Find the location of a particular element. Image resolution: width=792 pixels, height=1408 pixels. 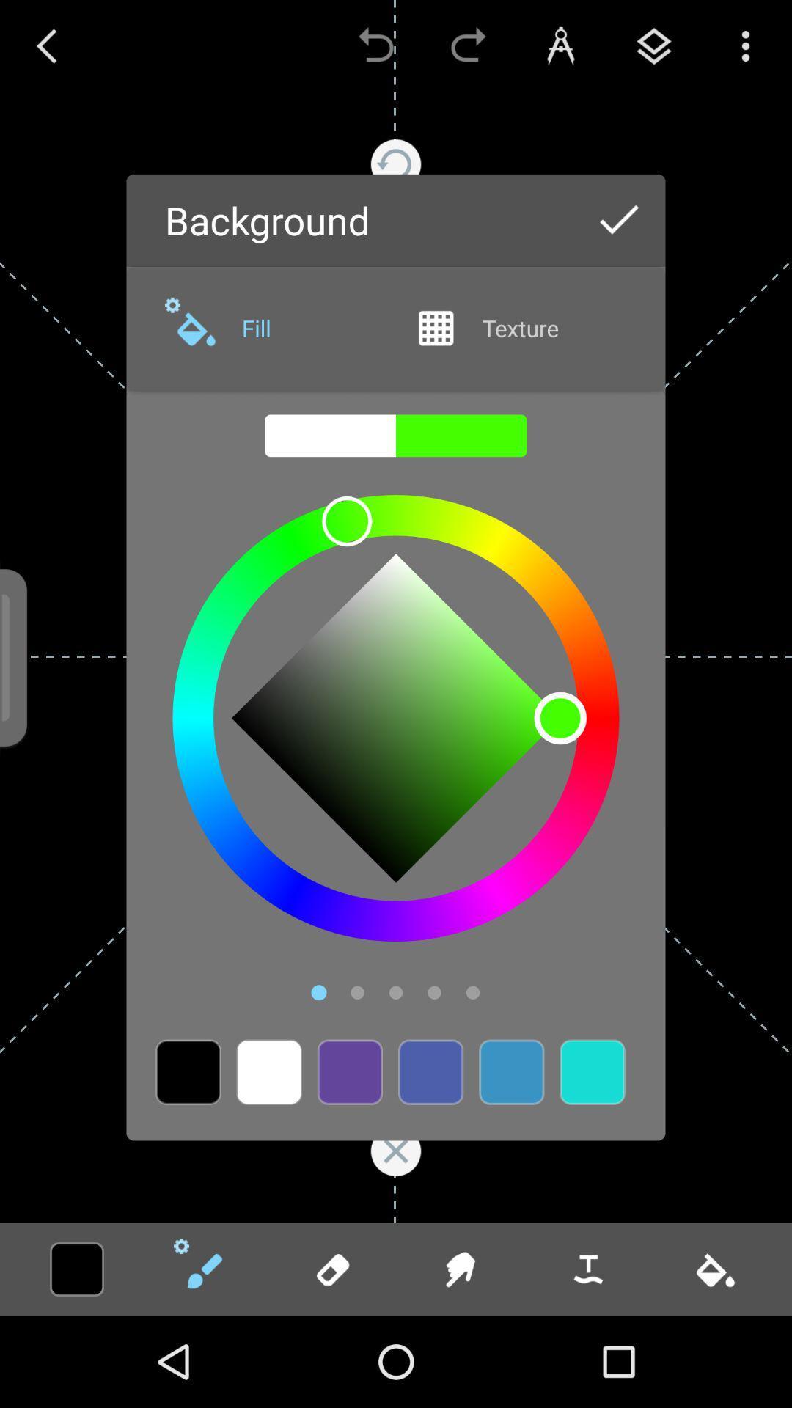

the arrow_backward icon is located at coordinates (45, 45).